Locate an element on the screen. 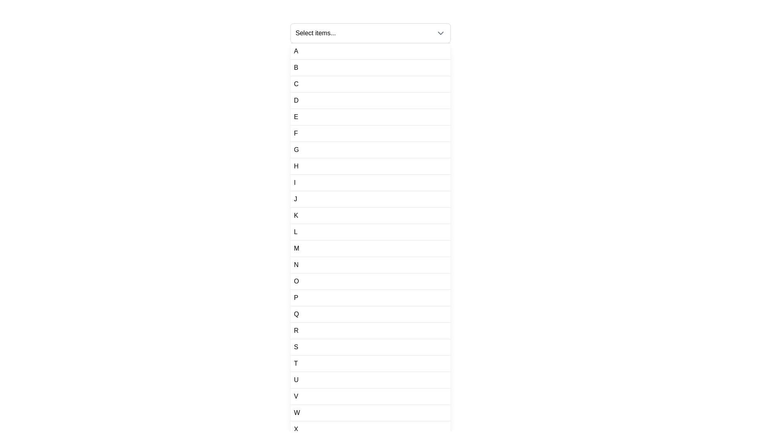 The width and height of the screenshot is (770, 433). the selectable list item displaying the character 'V', which is the 22nd item in the vertical list is located at coordinates (370, 396).